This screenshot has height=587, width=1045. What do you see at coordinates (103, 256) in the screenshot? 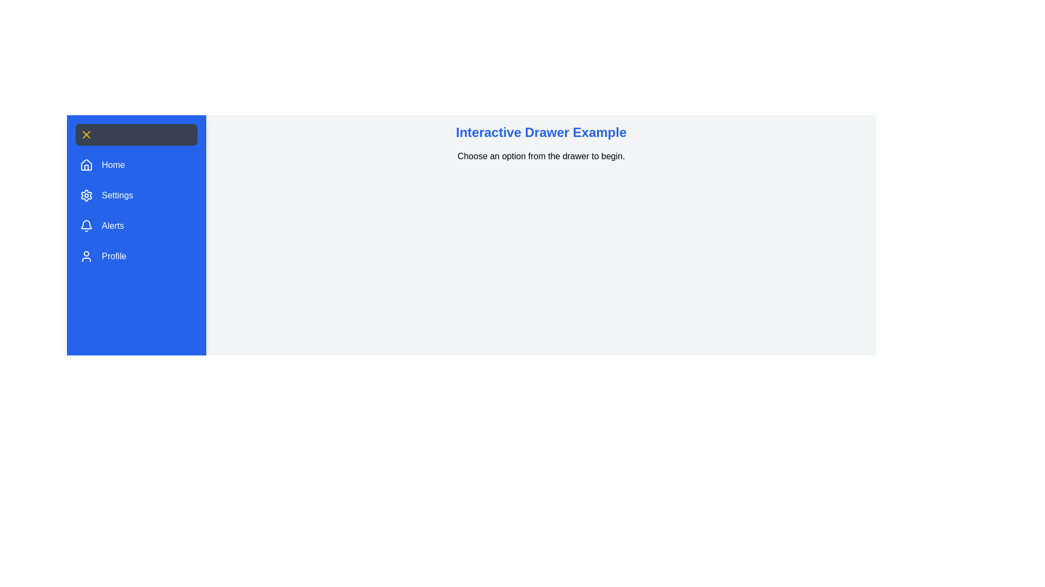
I see `the 'Profile' button in the drawer` at bounding box center [103, 256].